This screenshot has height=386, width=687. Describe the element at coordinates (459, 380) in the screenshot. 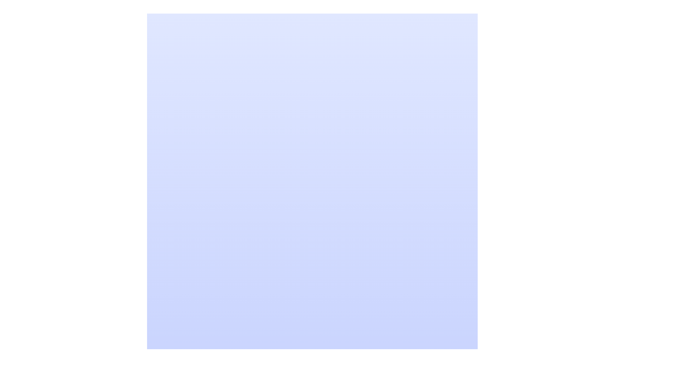

I see `the circular vector graphic element located near the bottom-right of the context image` at that location.